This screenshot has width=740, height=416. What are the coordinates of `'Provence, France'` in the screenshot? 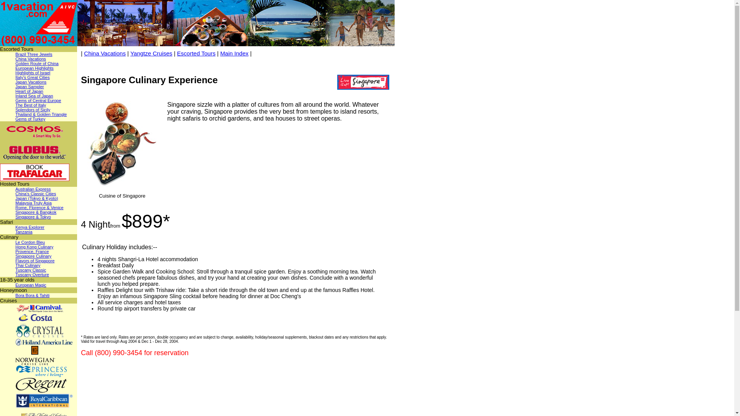 It's located at (32, 251).